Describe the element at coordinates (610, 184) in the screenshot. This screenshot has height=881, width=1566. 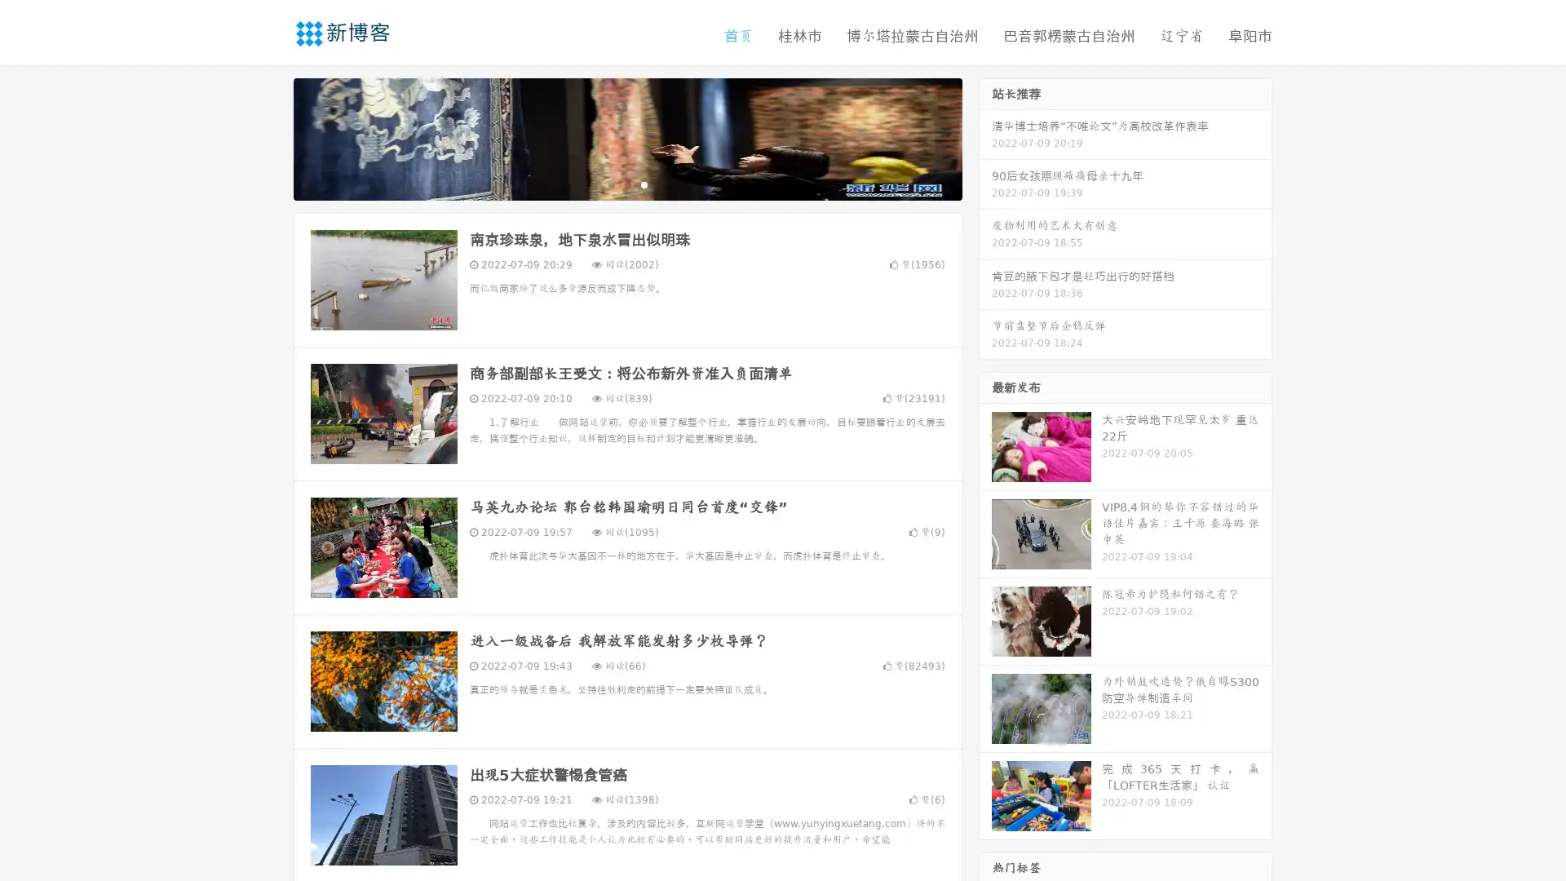
I see `Go to slide 1` at that location.